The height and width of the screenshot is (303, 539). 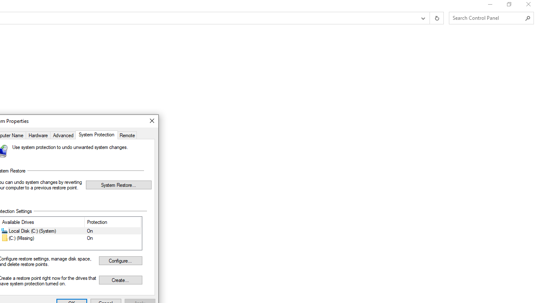 I want to click on 'System Protection', so click(x=96, y=134).